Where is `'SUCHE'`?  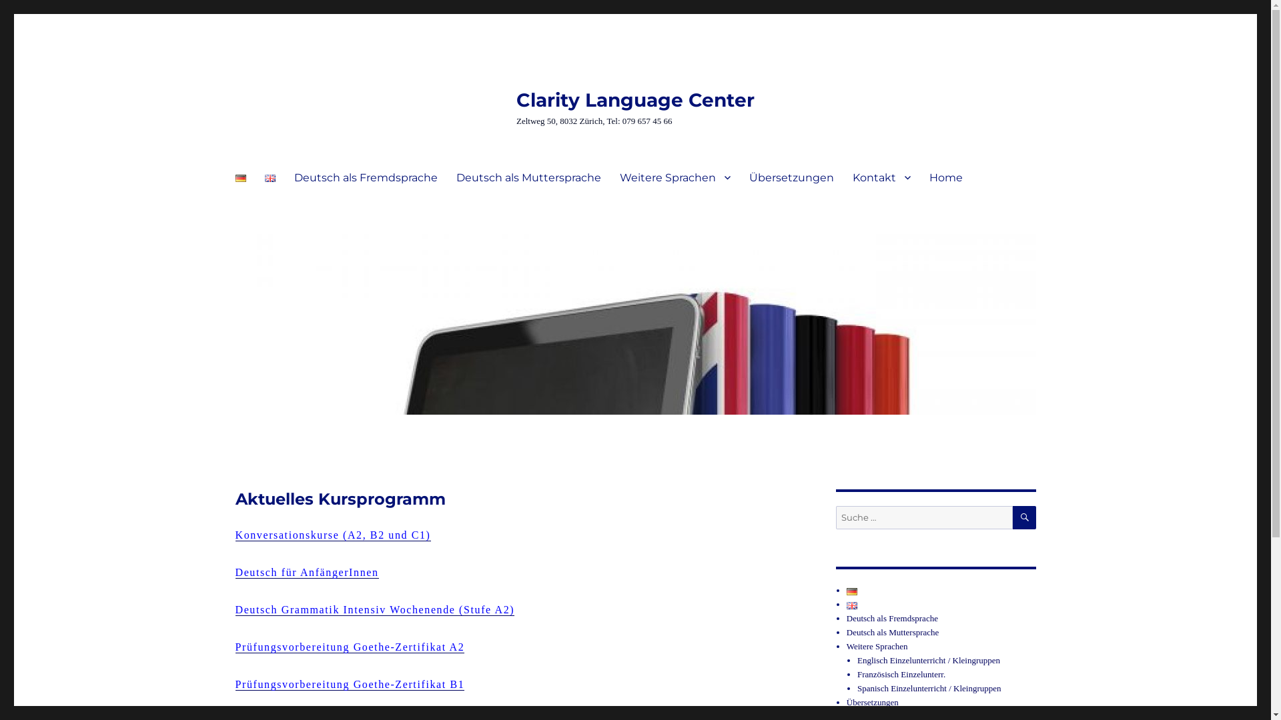
'SUCHE' is located at coordinates (1023, 517).